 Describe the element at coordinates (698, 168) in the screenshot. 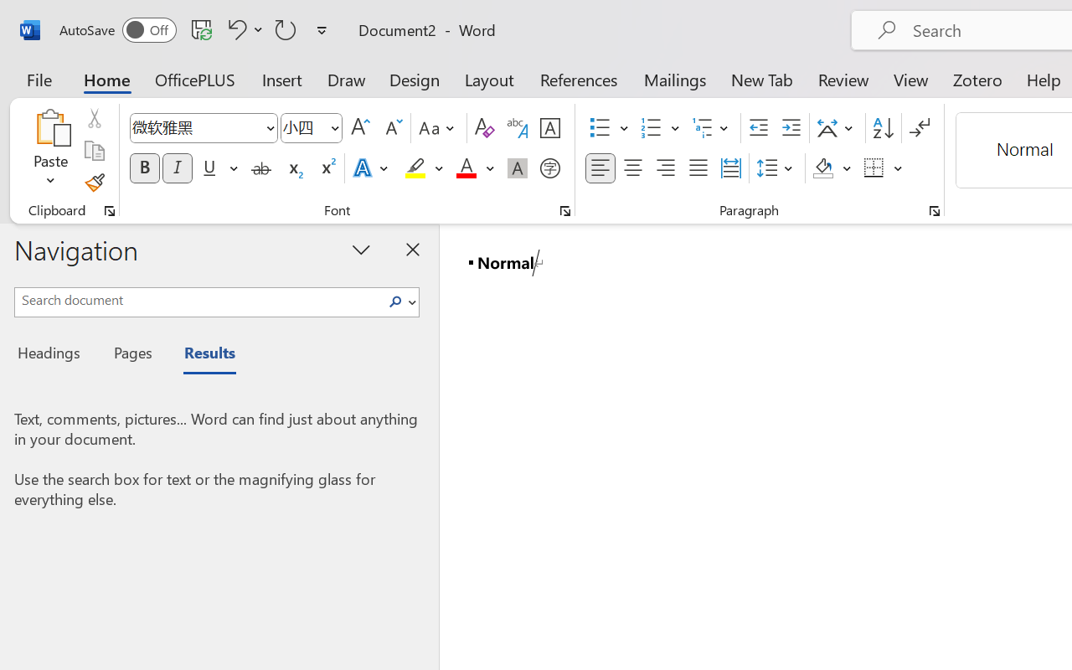

I see `'Justify'` at that location.